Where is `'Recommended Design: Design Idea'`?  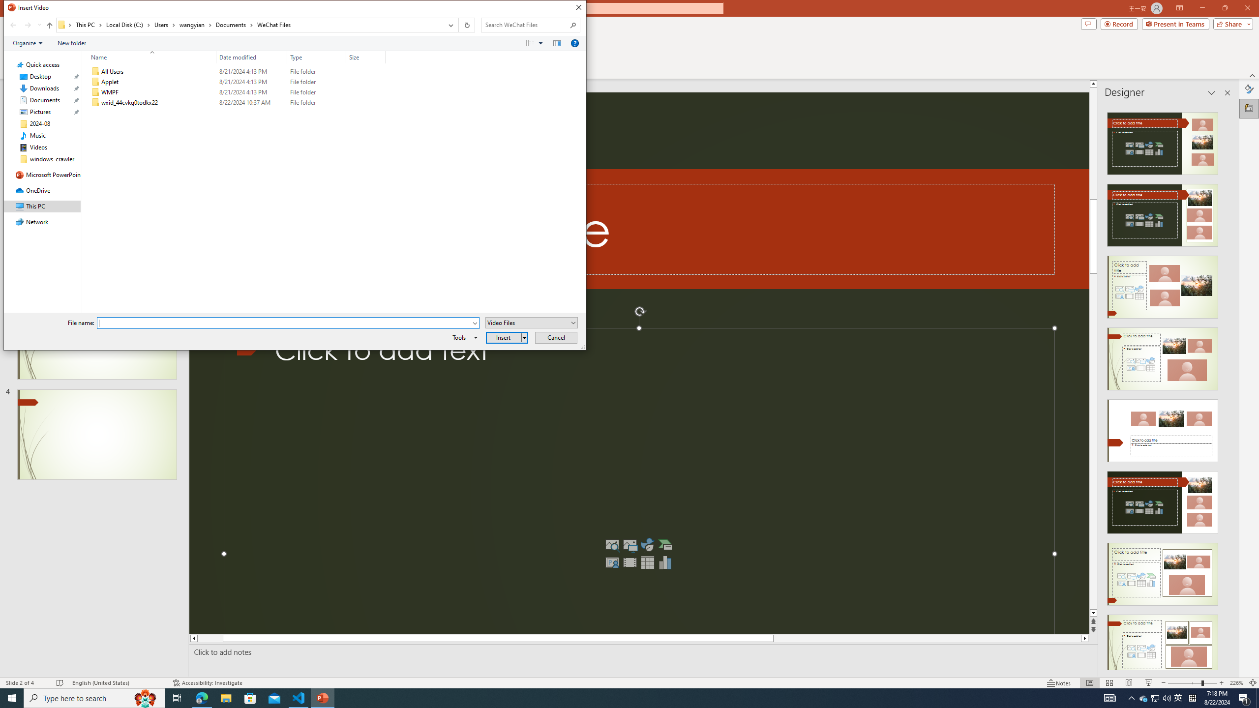
'Recommended Design: Design Idea' is located at coordinates (1163, 140).